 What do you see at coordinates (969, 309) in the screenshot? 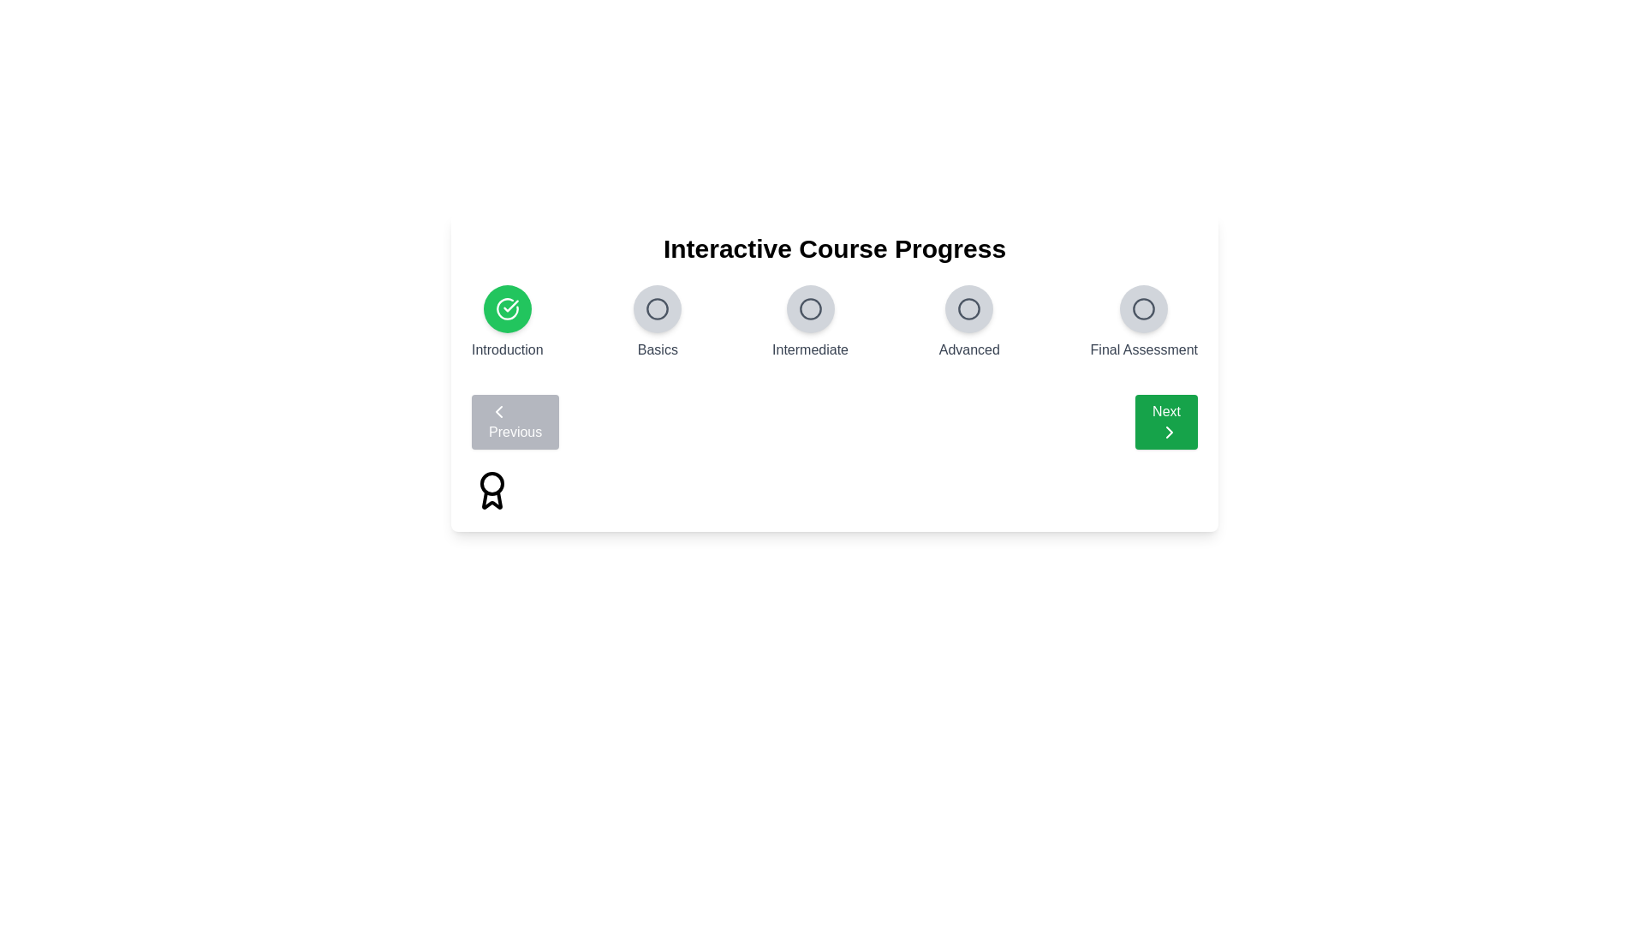
I see `the third circular button under the label 'Advanced', which indicates a progress step in an interactive course` at bounding box center [969, 309].